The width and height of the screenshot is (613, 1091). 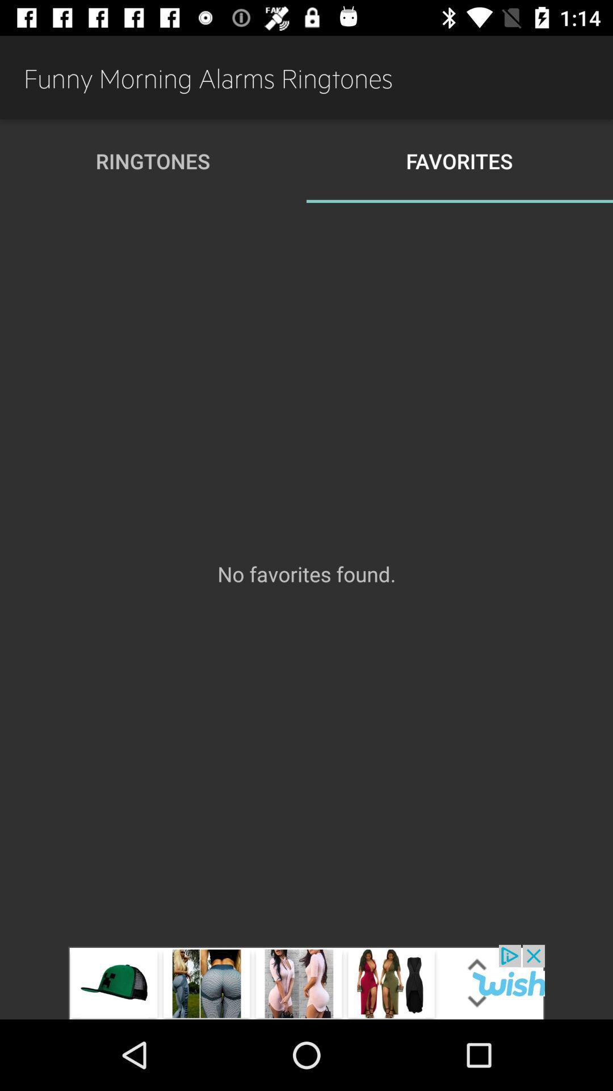 I want to click on open advertisement, so click(x=306, y=981).